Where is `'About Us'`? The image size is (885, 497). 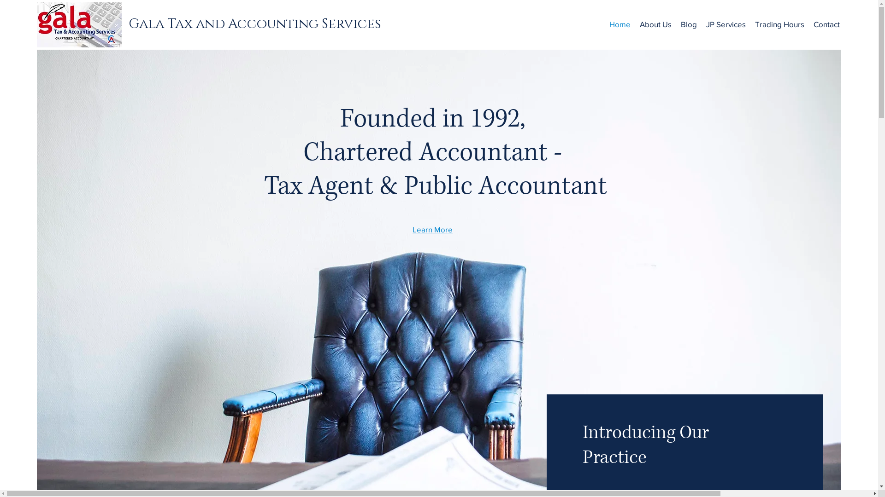 'About Us' is located at coordinates (634, 24).